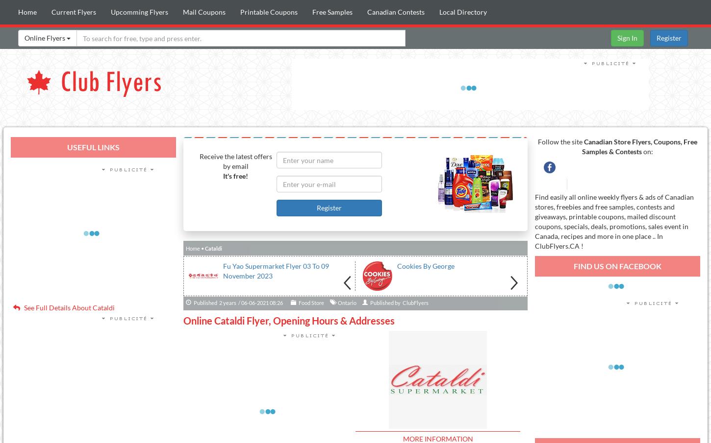 This screenshot has height=443, width=711. Describe the element at coordinates (560, 141) in the screenshot. I see `'Follow the site'` at that location.